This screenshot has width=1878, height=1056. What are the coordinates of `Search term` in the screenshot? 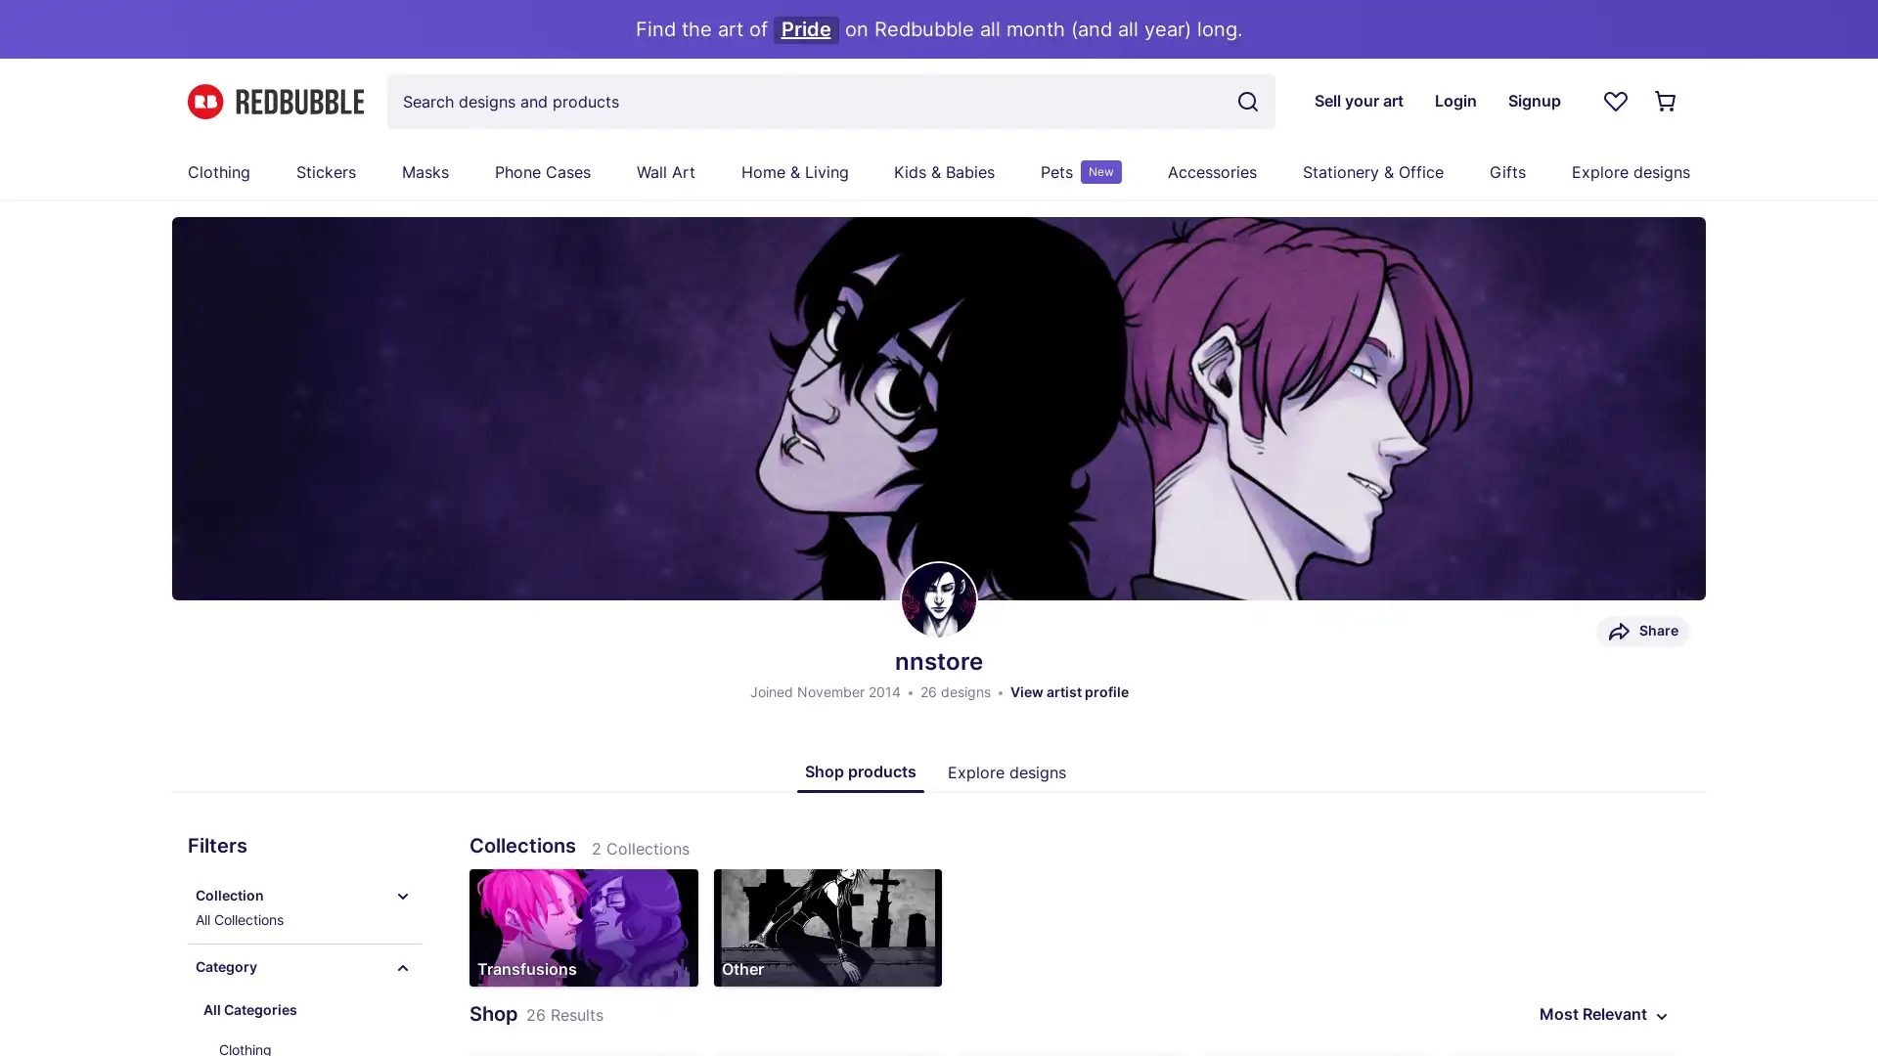 It's located at (1247, 102).